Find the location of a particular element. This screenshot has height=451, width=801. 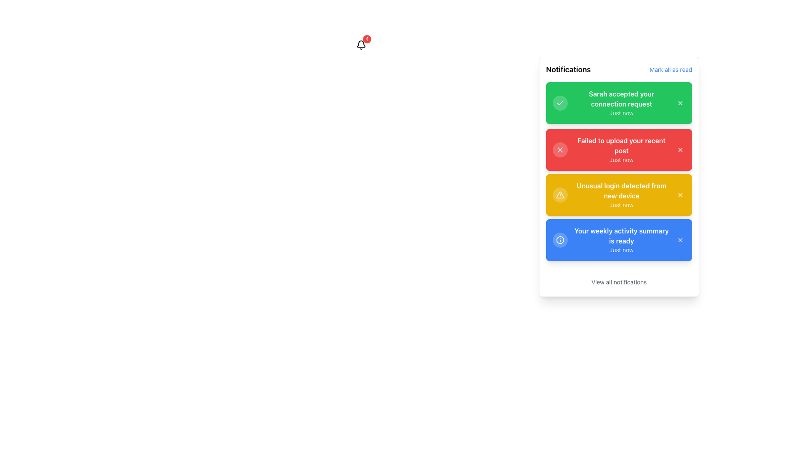

notification alert message located in the third notification card from the top in the notifications panel, above the smaller text saying 'Just now' is located at coordinates (621, 190).